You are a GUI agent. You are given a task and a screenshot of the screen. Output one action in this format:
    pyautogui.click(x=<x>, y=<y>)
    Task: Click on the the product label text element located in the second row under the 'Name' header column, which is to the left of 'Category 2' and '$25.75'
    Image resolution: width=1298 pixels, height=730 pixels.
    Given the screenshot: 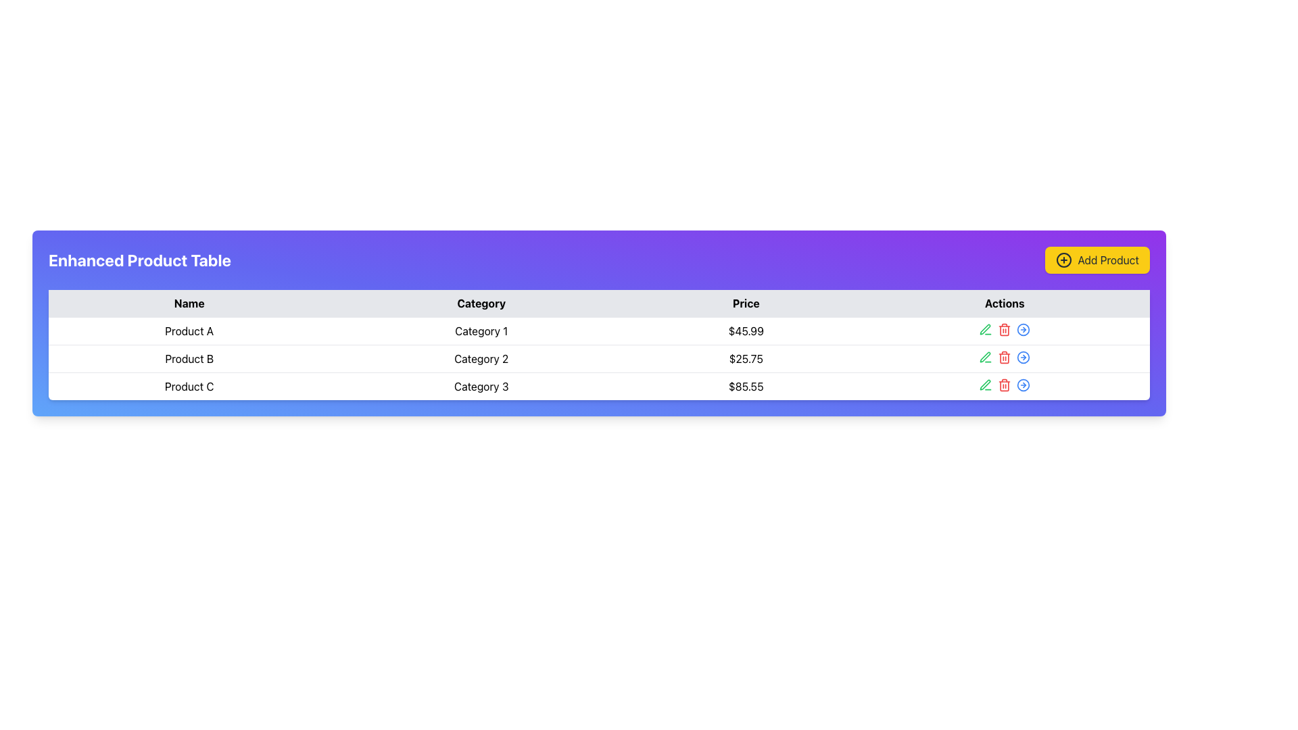 What is the action you would take?
    pyautogui.click(x=189, y=358)
    